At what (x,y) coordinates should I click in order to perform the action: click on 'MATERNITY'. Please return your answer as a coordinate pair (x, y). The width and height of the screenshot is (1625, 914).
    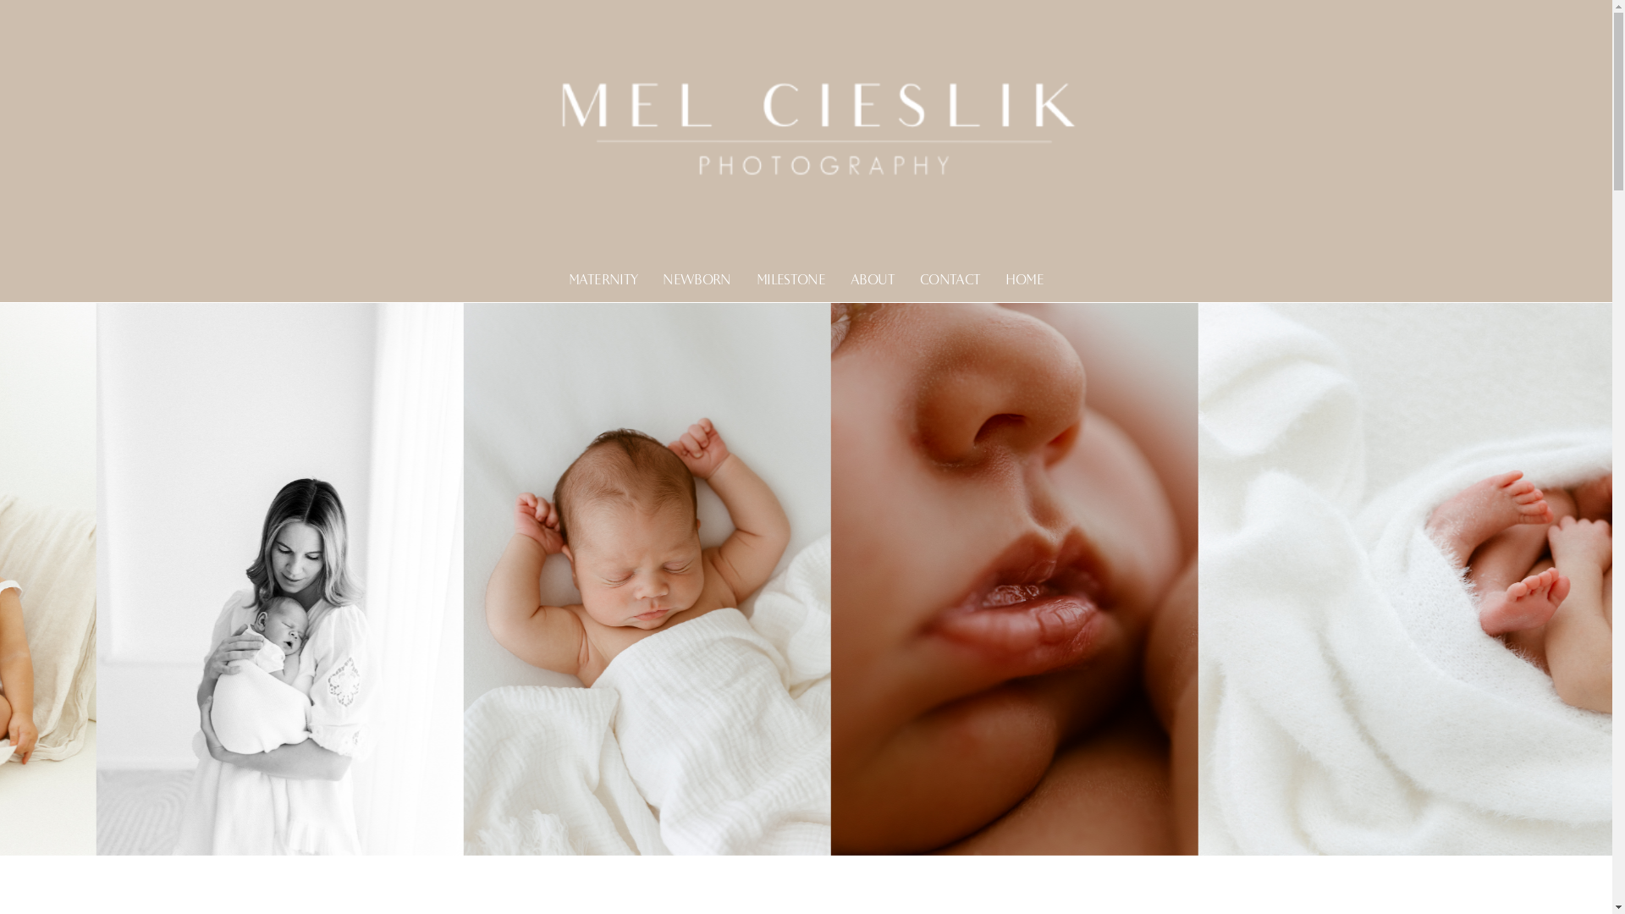
    Looking at the image, I should click on (603, 279).